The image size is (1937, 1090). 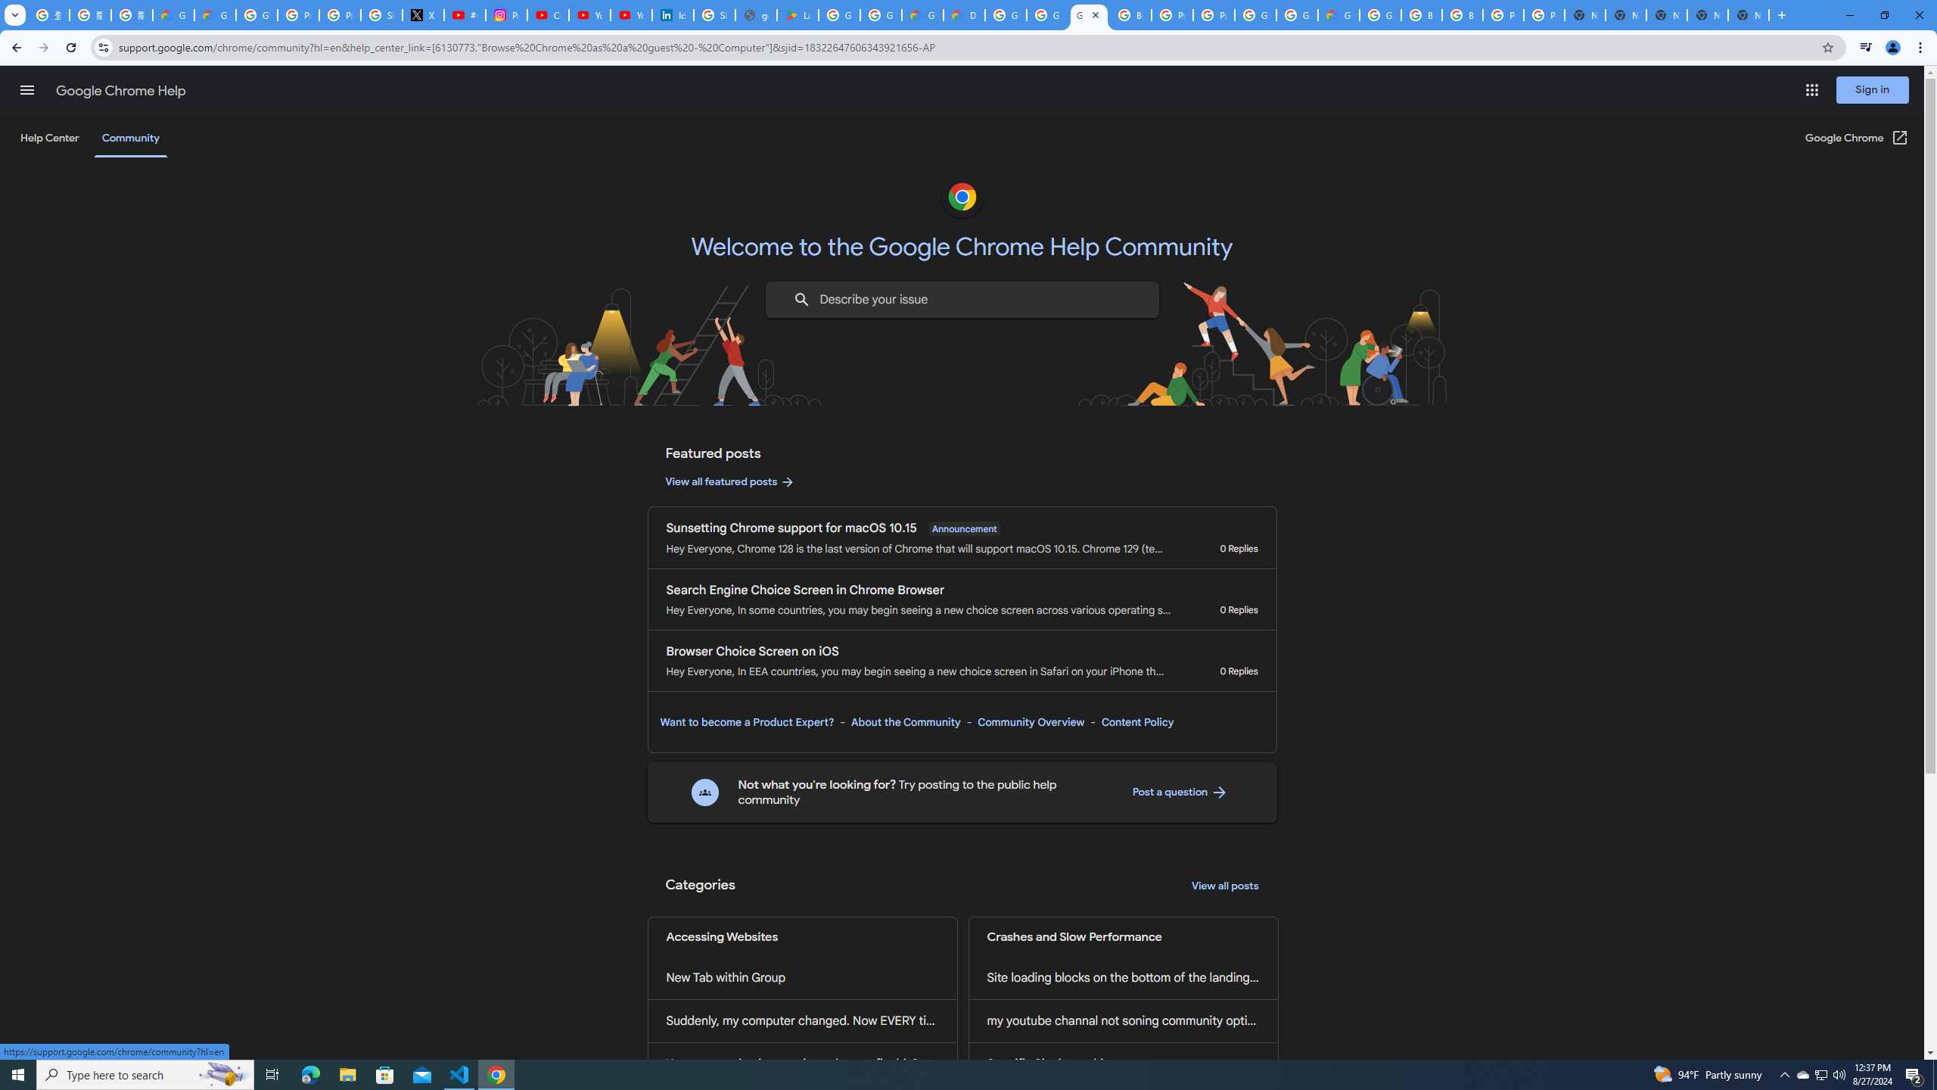 What do you see at coordinates (26, 89) in the screenshot?
I see `'Main menu'` at bounding box center [26, 89].